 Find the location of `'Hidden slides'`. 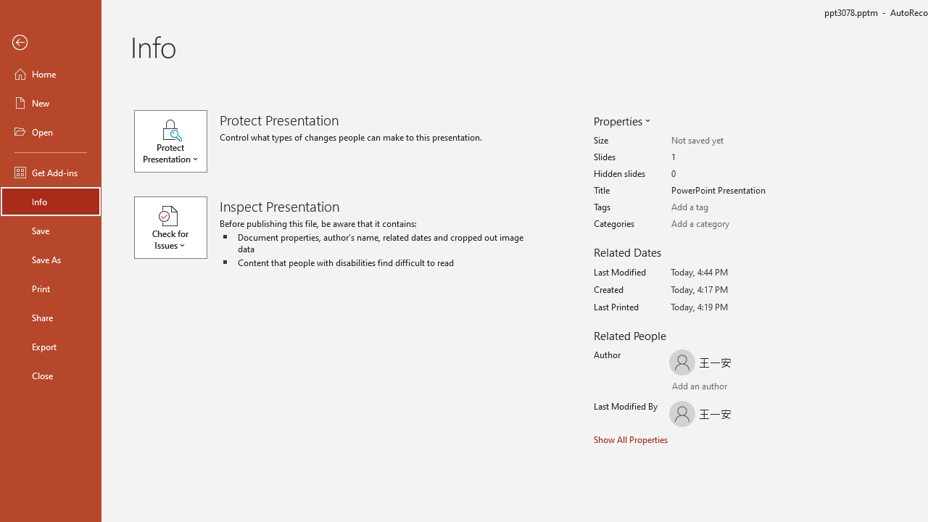

'Hidden slides' is located at coordinates (728, 173).